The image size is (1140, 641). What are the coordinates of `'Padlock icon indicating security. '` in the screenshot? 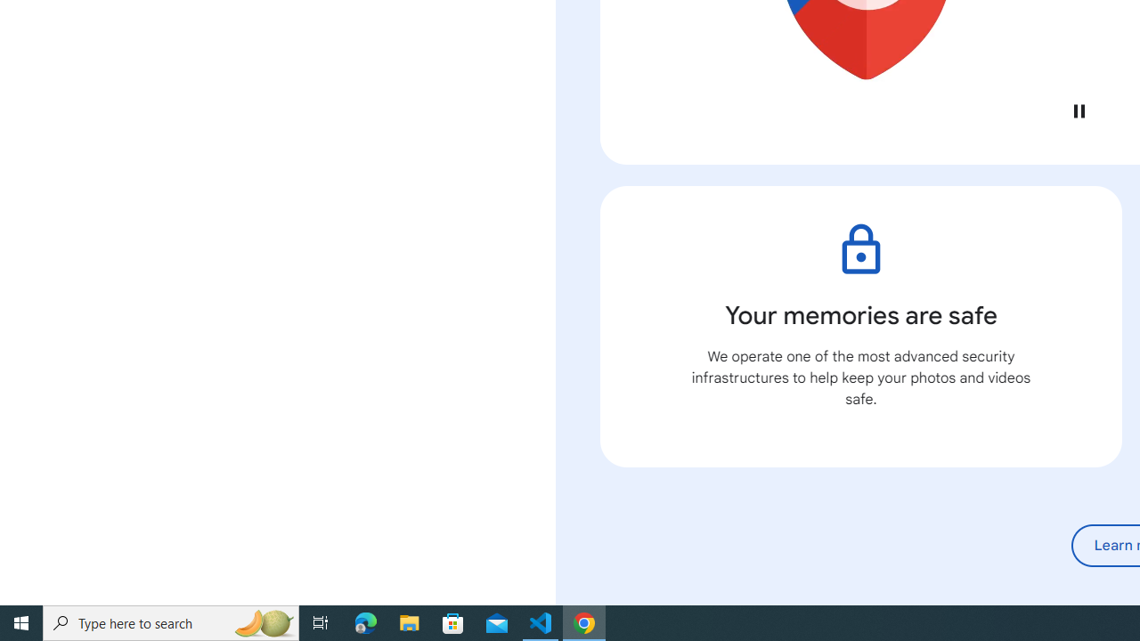 It's located at (860, 249).